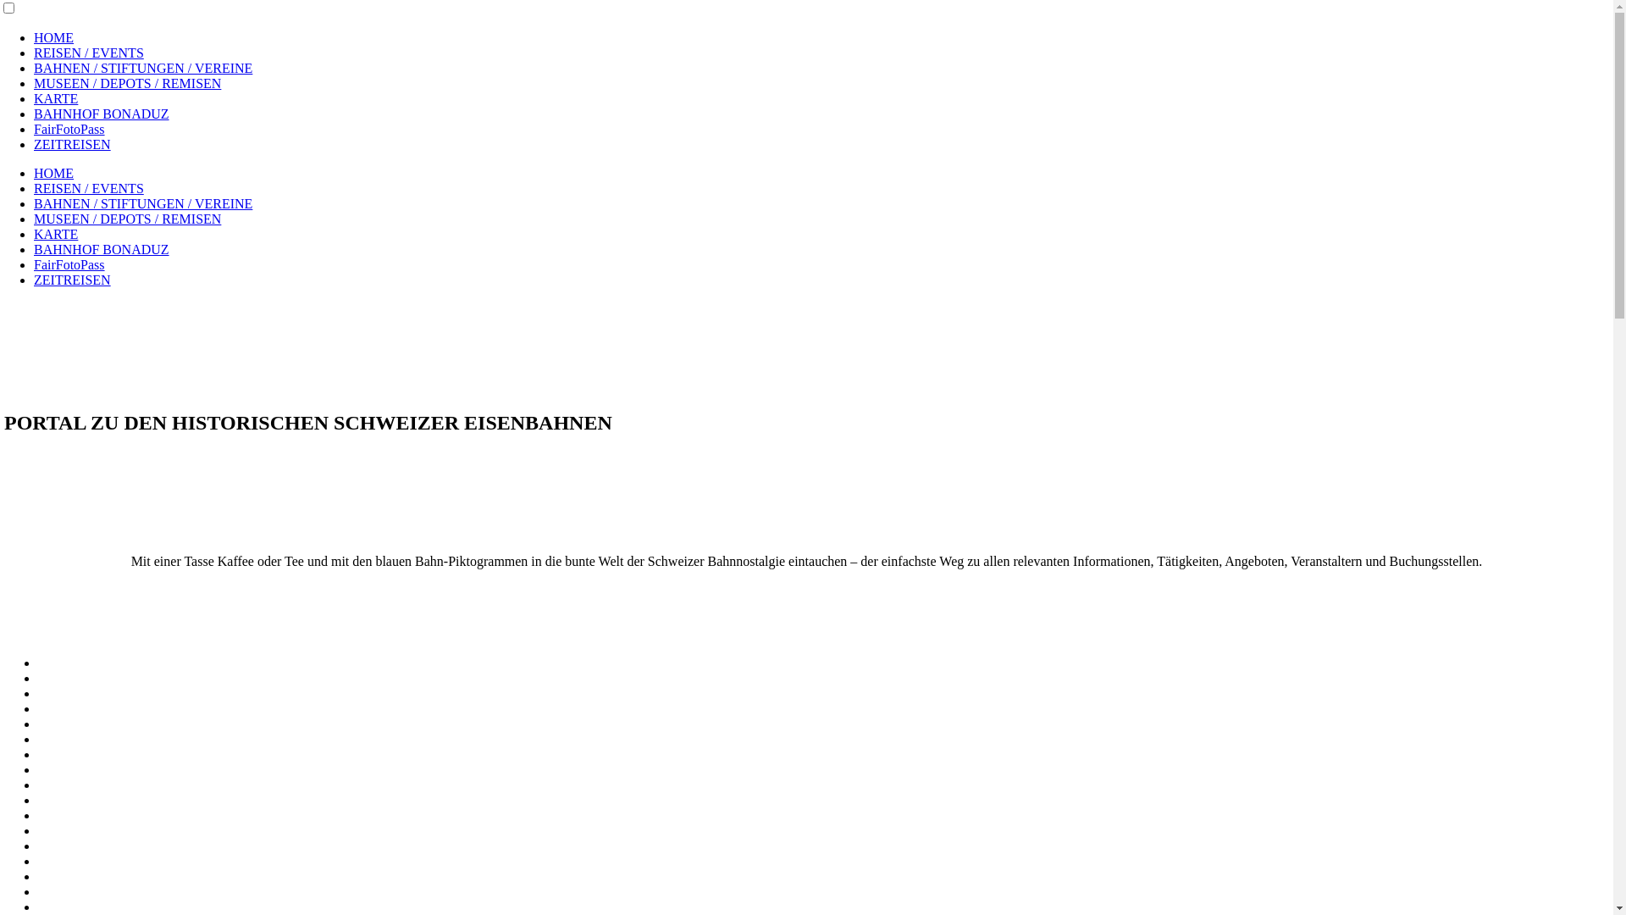 This screenshot has width=1626, height=915. What do you see at coordinates (88, 188) in the screenshot?
I see `'REISEN / EVENTS'` at bounding box center [88, 188].